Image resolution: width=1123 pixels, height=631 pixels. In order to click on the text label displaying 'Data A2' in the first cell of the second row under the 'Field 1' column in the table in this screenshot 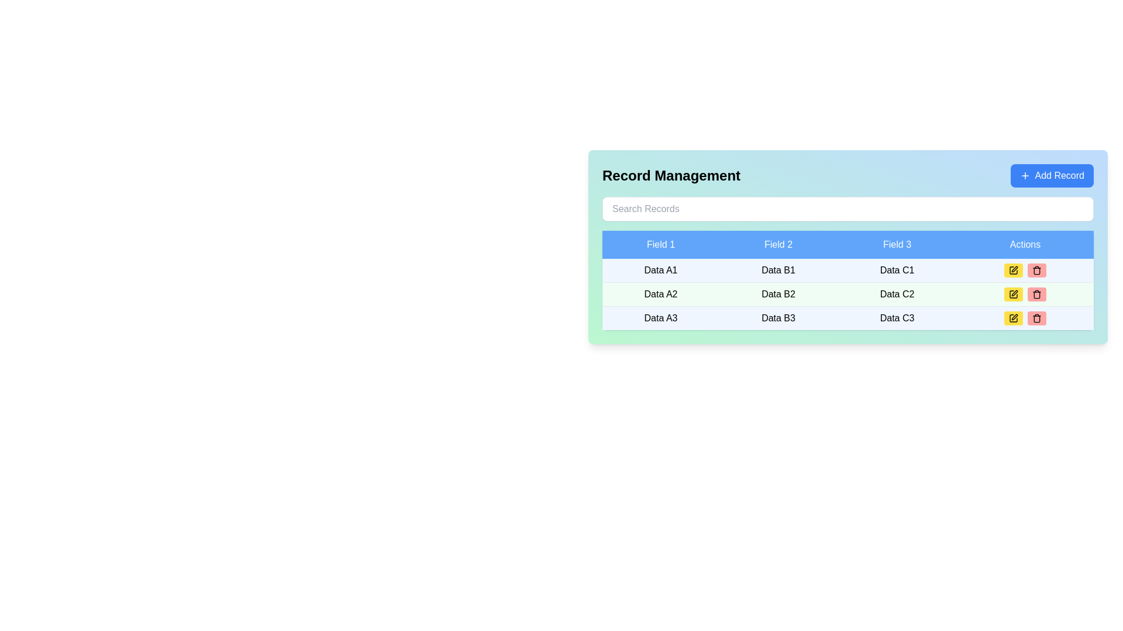, I will do `click(660, 294)`.